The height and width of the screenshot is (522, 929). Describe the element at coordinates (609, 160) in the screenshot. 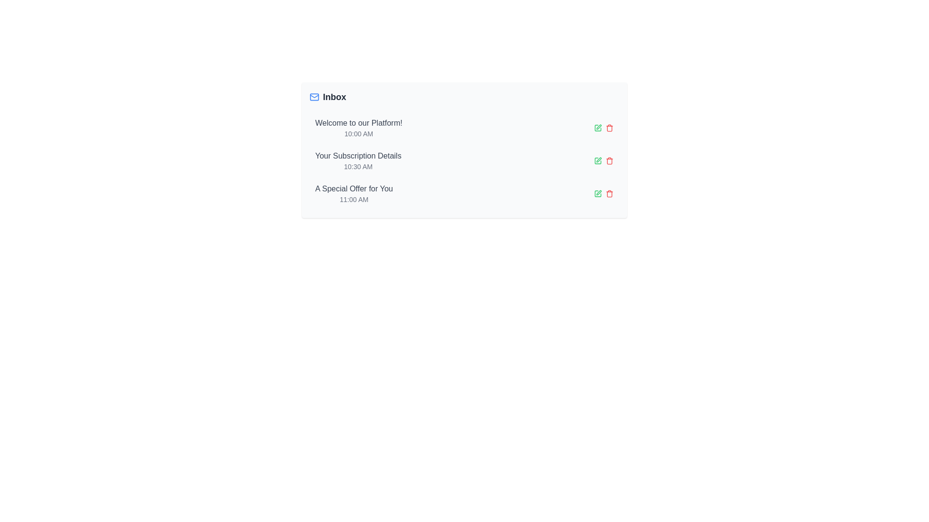

I see `the delete icon button located to the right of the green edit icon, associated with the 'Your Subscription Details' entry` at that location.